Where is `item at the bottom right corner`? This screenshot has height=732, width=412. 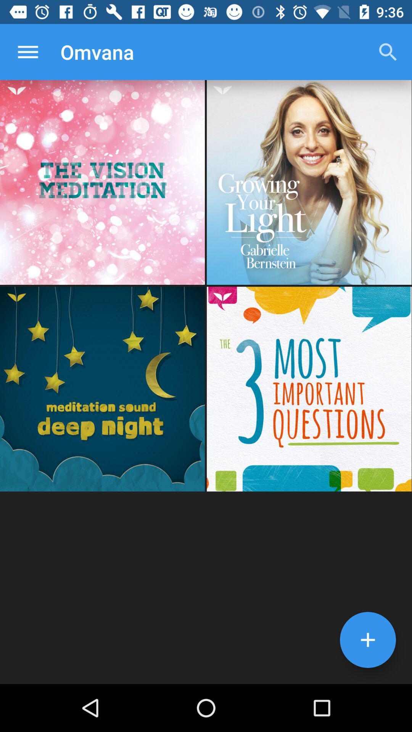
item at the bottom right corner is located at coordinates (367, 640).